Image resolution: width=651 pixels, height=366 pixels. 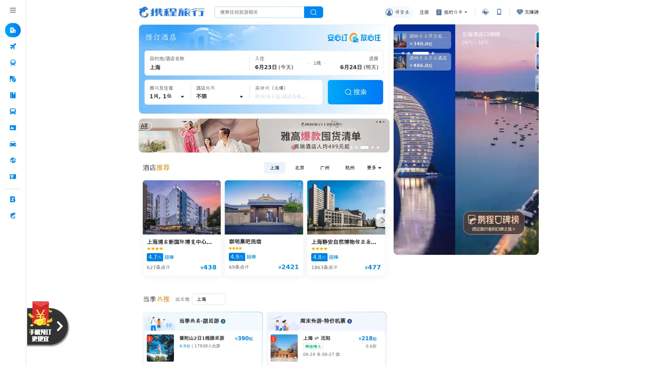 I want to click on Go to slide 3, so click(x=364, y=147).